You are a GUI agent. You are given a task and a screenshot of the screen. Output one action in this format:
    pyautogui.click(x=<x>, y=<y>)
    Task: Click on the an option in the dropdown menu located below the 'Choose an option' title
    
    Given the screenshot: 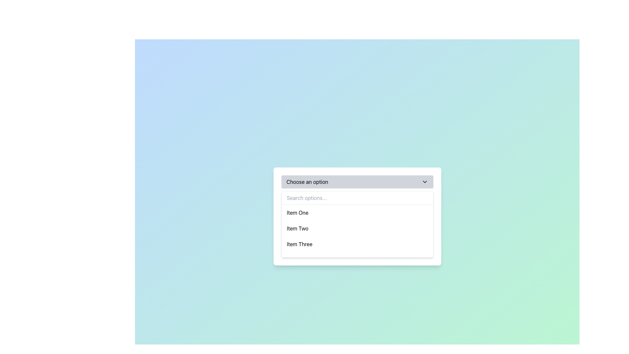 What is the action you would take?
    pyautogui.click(x=357, y=216)
    